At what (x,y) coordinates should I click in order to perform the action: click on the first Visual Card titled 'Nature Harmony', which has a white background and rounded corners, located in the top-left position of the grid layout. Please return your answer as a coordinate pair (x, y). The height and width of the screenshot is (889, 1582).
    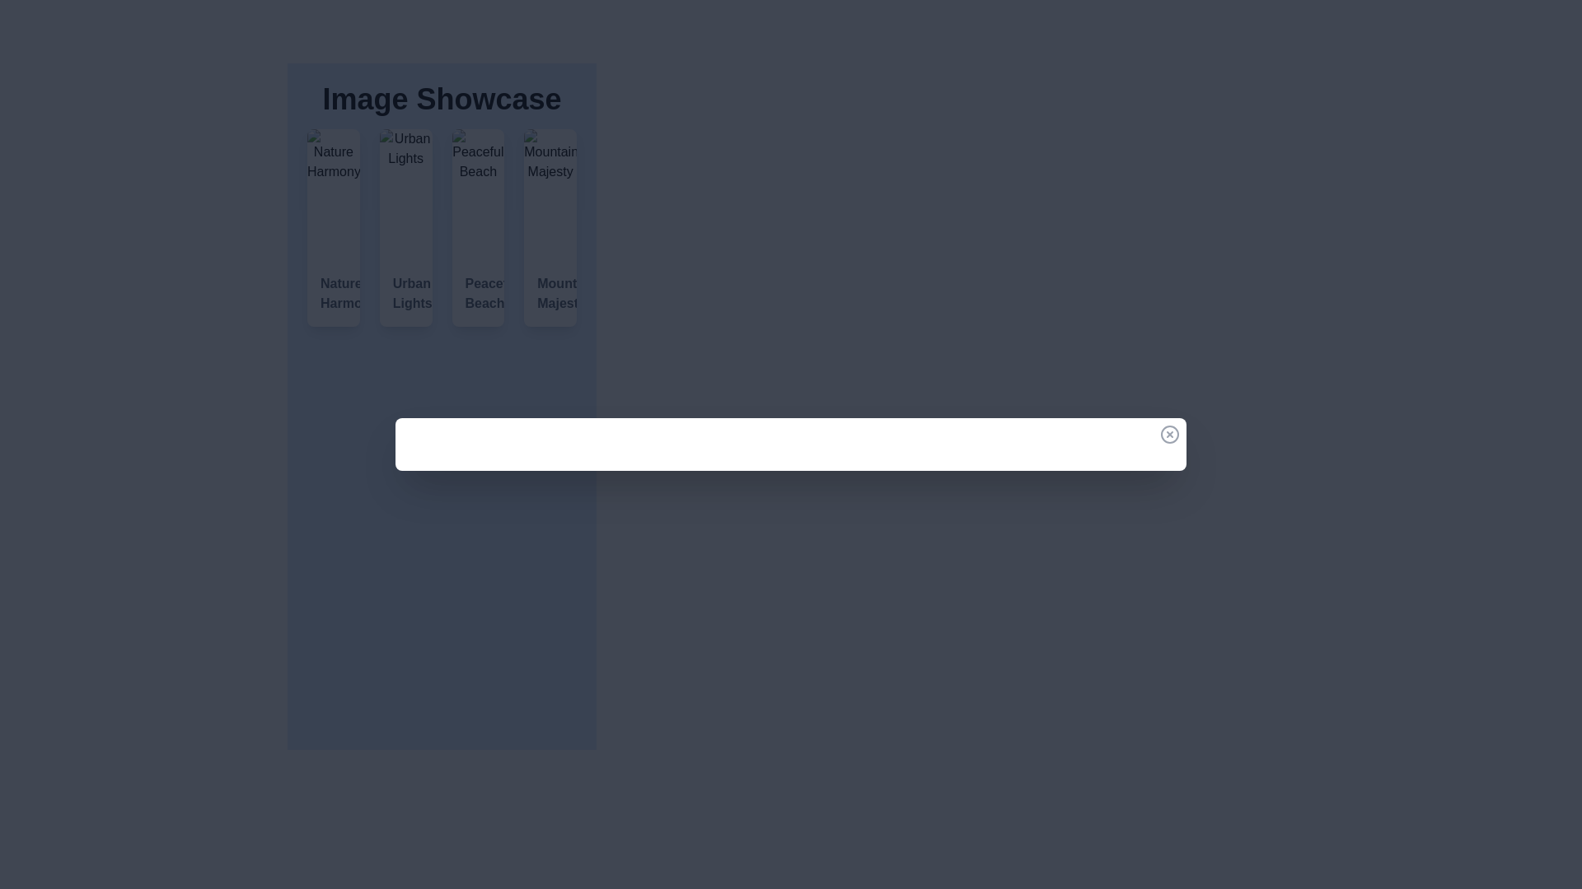
    Looking at the image, I should click on (332, 228).